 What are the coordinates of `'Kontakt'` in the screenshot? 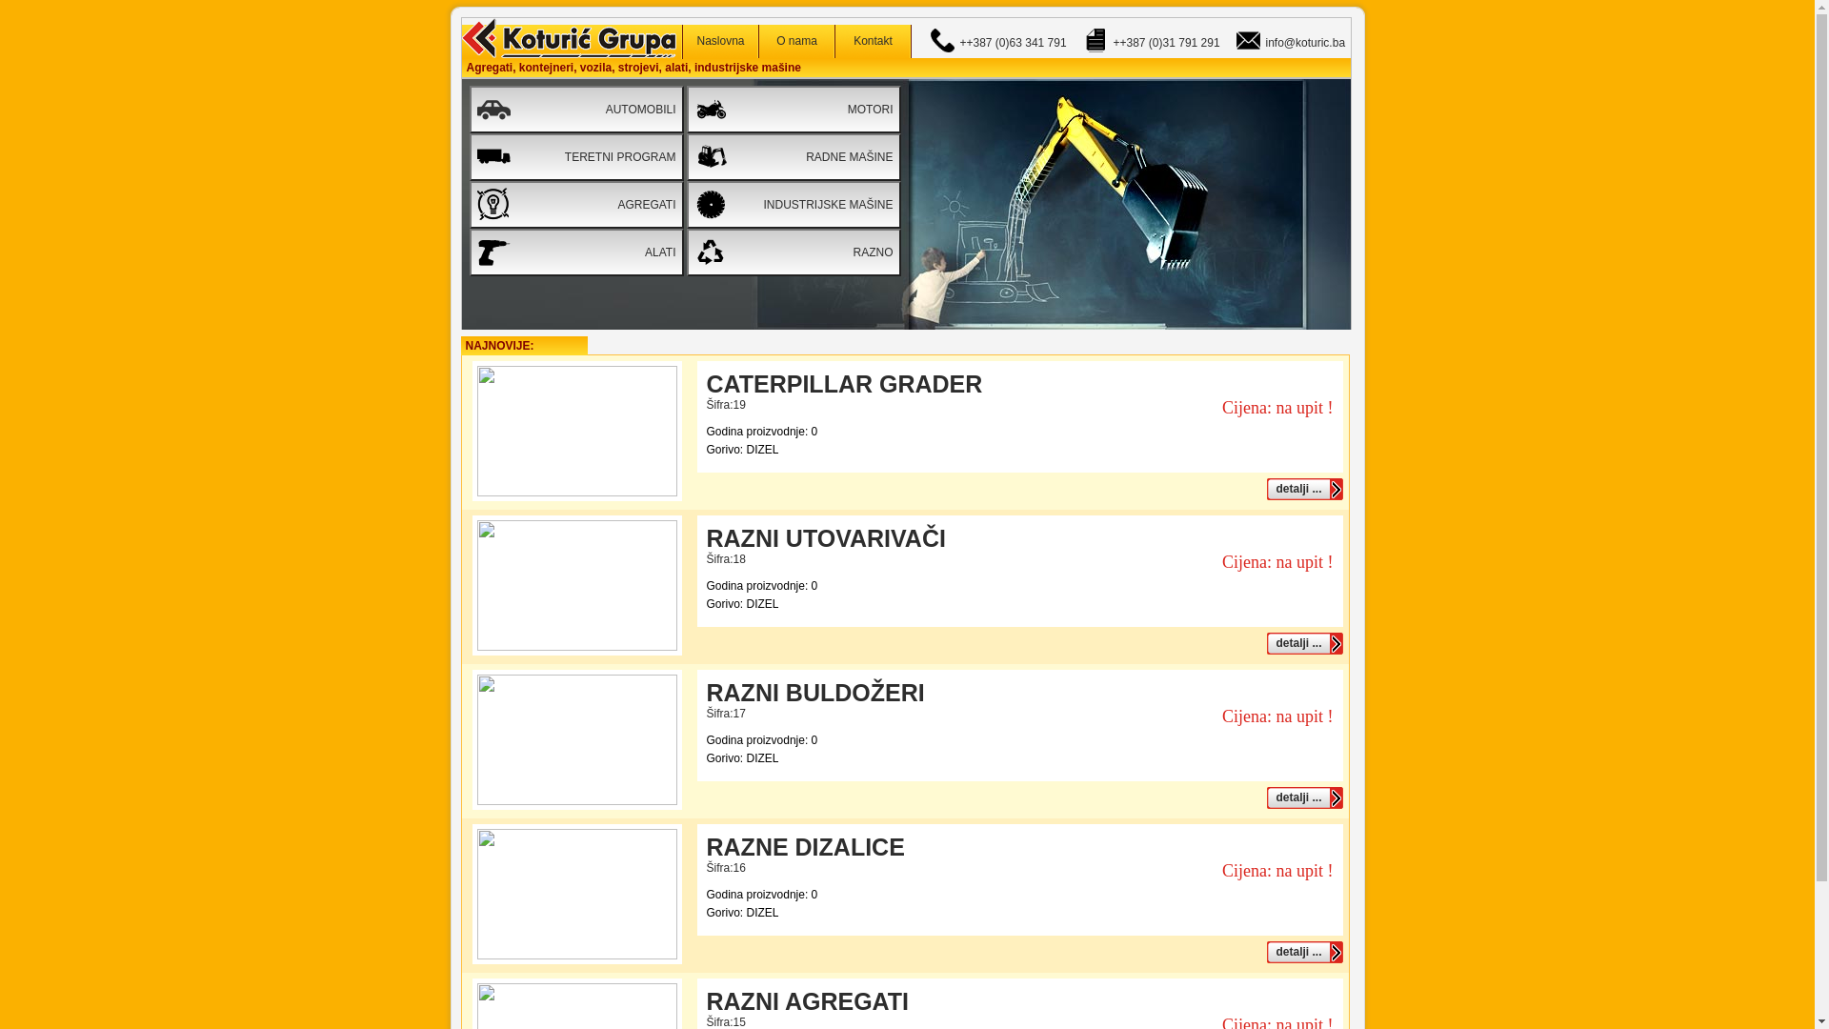 It's located at (872, 41).